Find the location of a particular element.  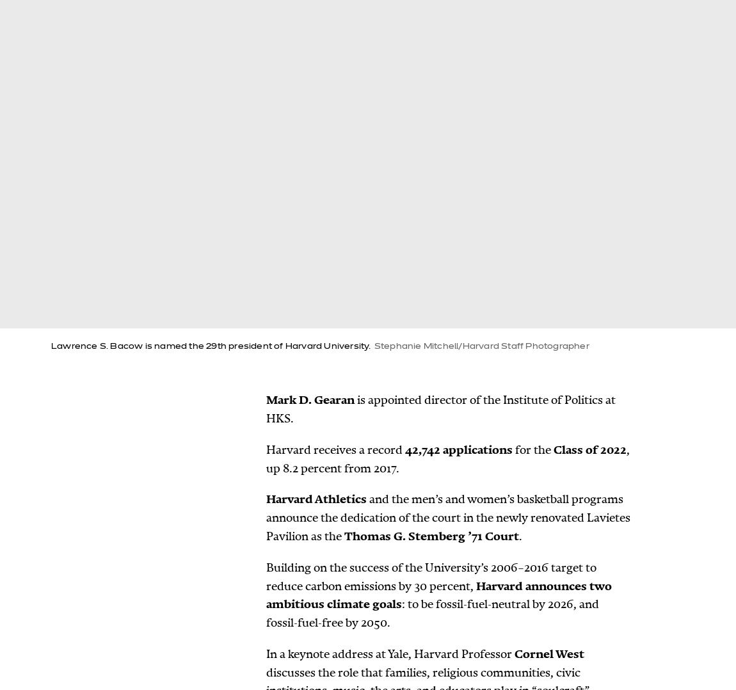

'42,742 applications' is located at coordinates (458, 448).